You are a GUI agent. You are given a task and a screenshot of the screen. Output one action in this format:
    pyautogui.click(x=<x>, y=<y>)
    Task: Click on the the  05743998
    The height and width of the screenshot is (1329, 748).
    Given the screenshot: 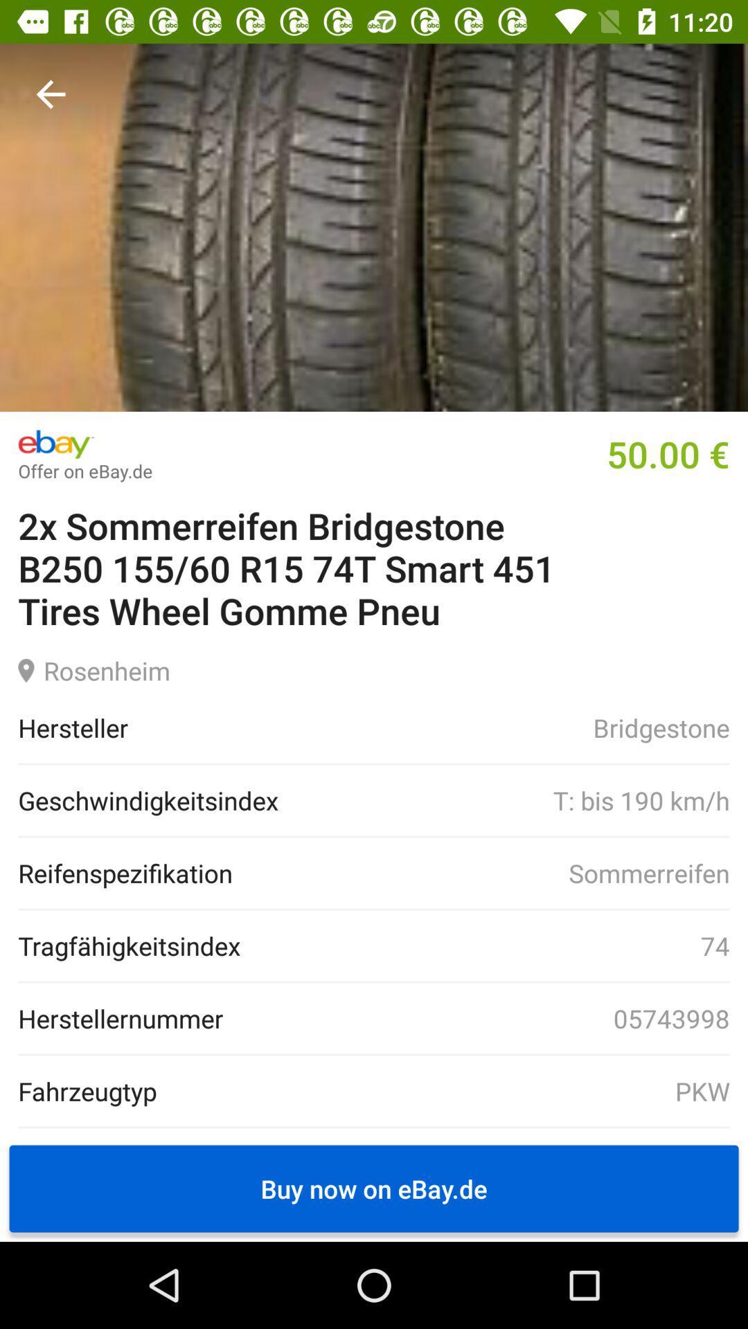 What is the action you would take?
    pyautogui.click(x=476, y=1018)
    